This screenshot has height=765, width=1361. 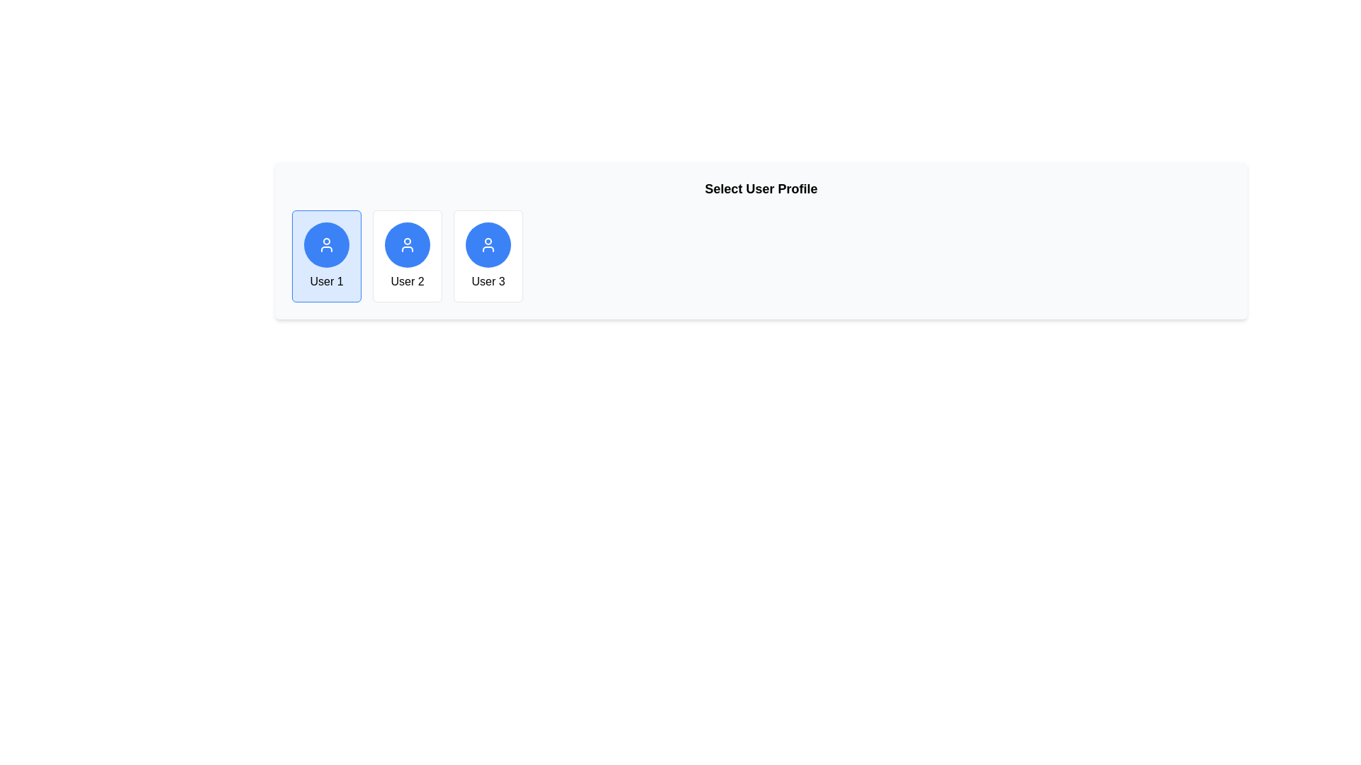 I want to click on the user icon for the 'User 3' profile option, which is centered, so click(x=488, y=244).